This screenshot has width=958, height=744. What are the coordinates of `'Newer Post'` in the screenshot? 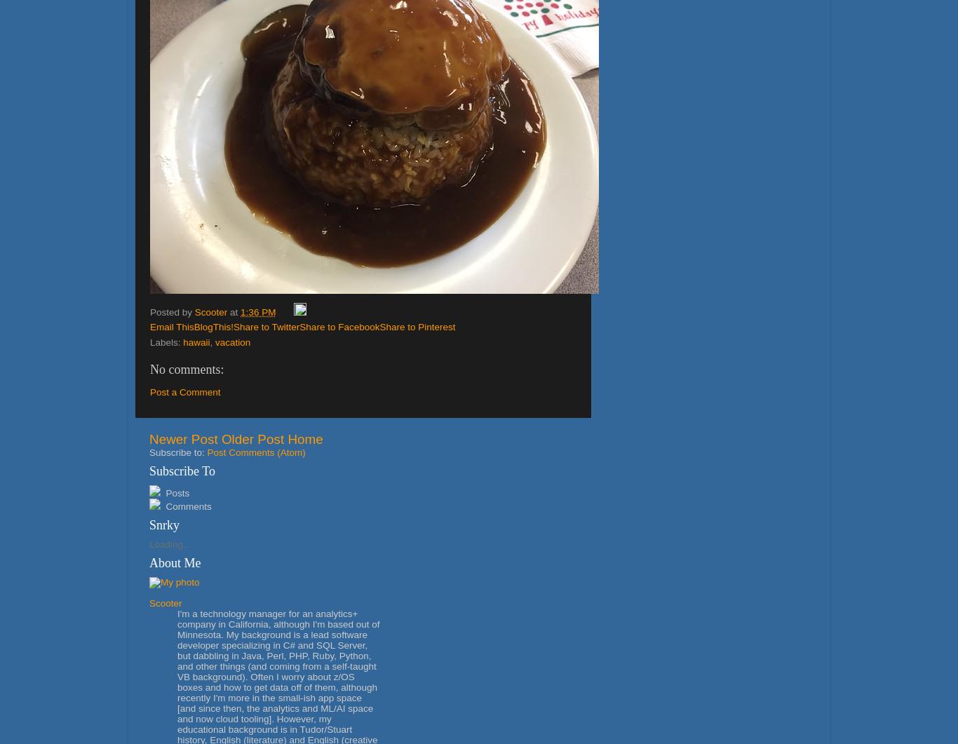 It's located at (148, 438).